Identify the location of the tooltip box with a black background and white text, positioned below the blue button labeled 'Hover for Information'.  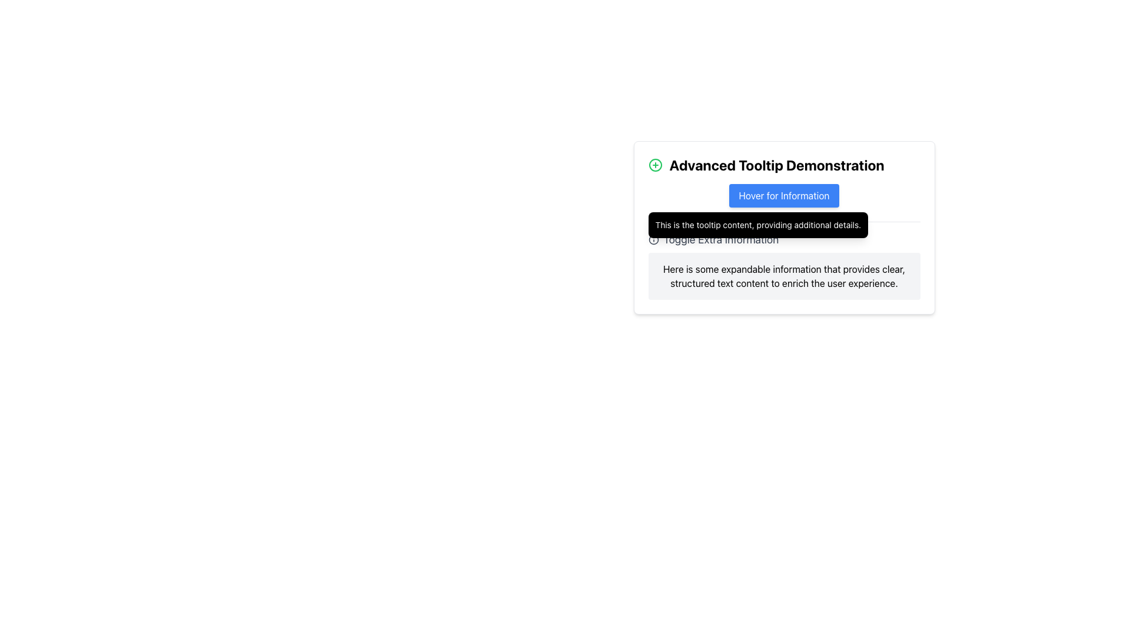
(757, 225).